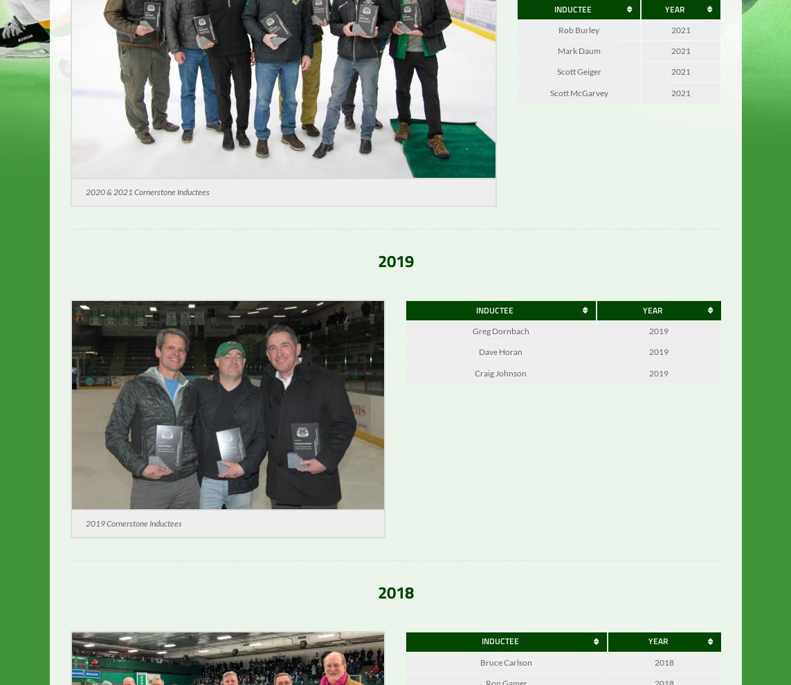 This screenshot has width=791, height=685. What do you see at coordinates (577, 60) in the screenshot?
I see `'Mark Daum'` at bounding box center [577, 60].